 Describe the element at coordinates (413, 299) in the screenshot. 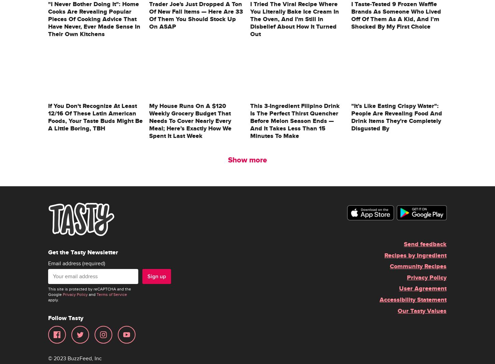

I see `'Accessibility Statement'` at that location.